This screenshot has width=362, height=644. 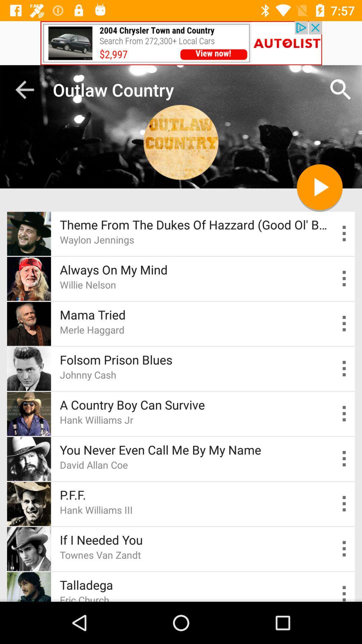 What do you see at coordinates (319, 187) in the screenshot?
I see `next` at bounding box center [319, 187].